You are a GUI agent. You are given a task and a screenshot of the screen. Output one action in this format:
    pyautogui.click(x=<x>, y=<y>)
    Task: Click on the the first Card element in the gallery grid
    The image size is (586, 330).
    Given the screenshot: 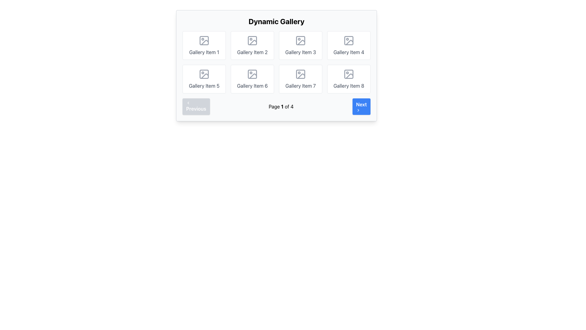 What is the action you would take?
    pyautogui.click(x=204, y=45)
    